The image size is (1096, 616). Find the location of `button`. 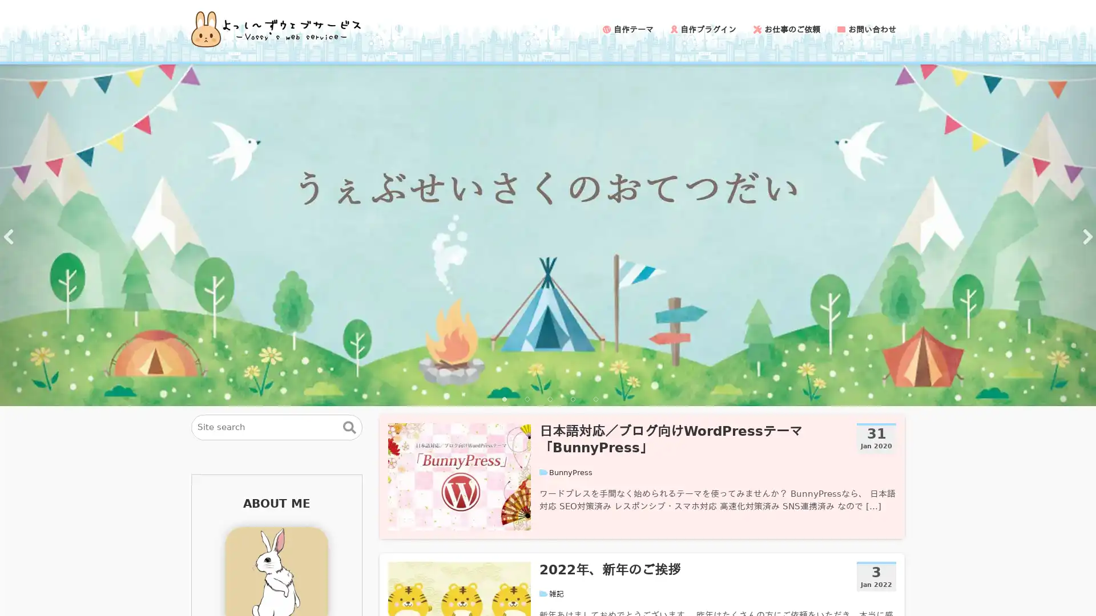

button is located at coordinates (349, 427).